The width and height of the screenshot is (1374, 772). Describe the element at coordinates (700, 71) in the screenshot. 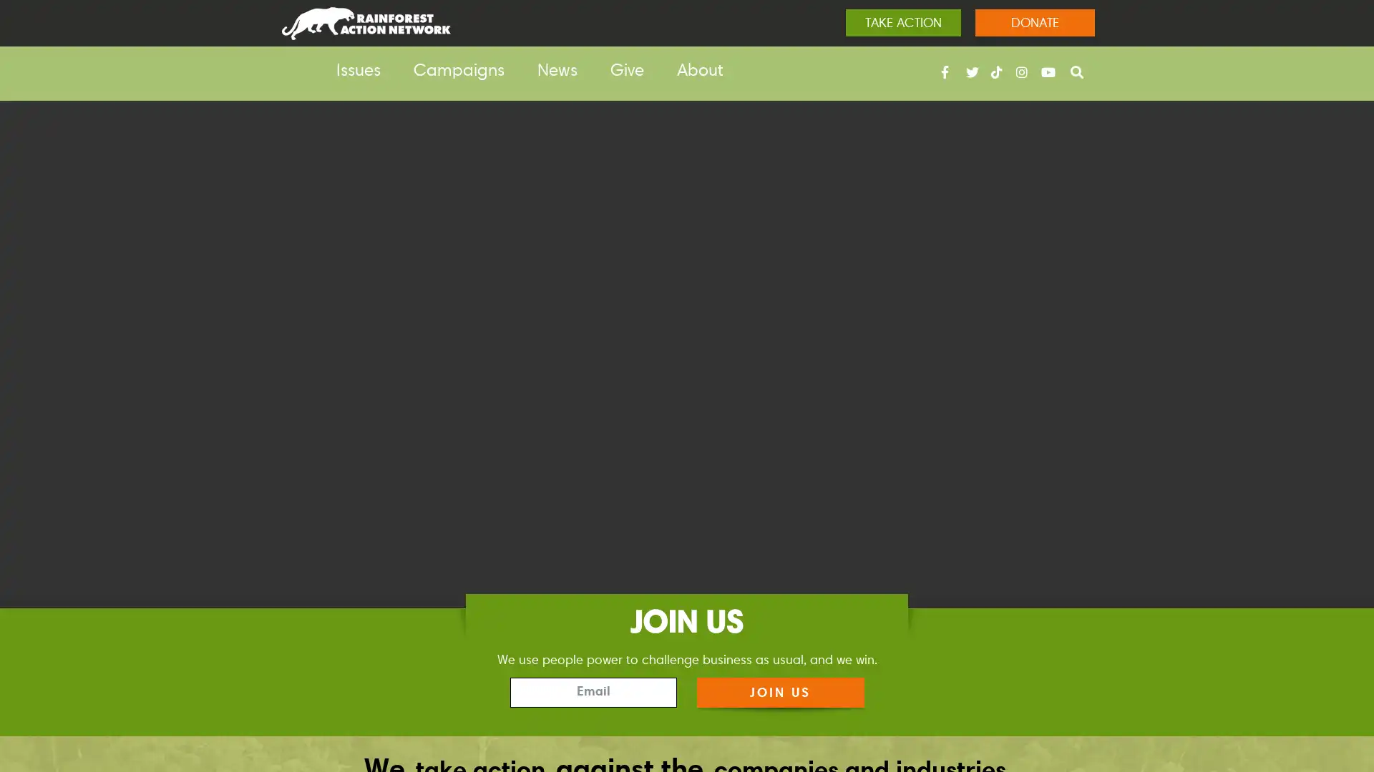

I see `About` at that location.